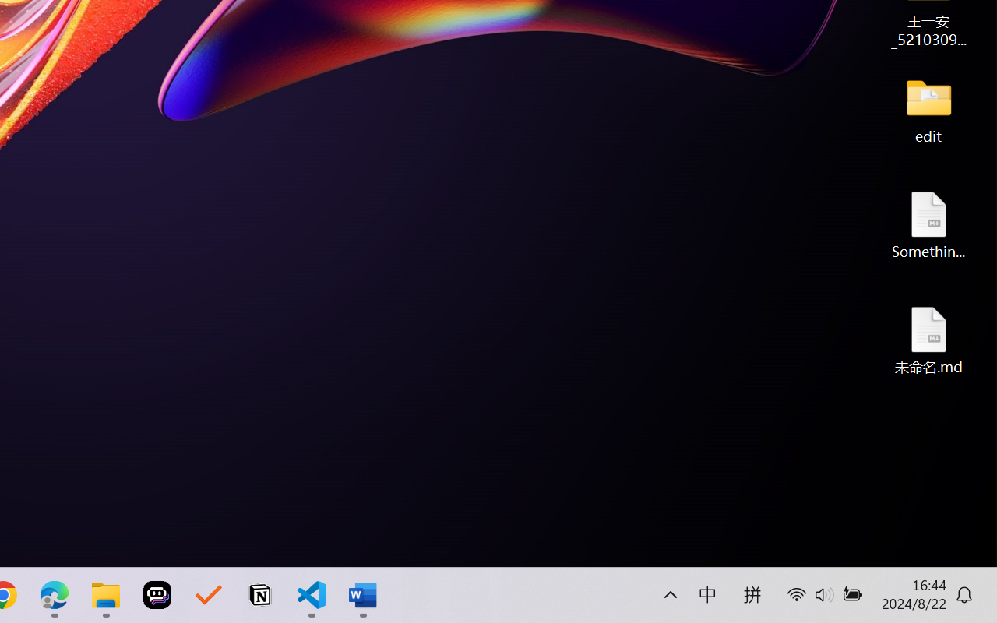  What do you see at coordinates (928, 224) in the screenshot?
I see `'Something.md'` at bounding box center [928, 224].